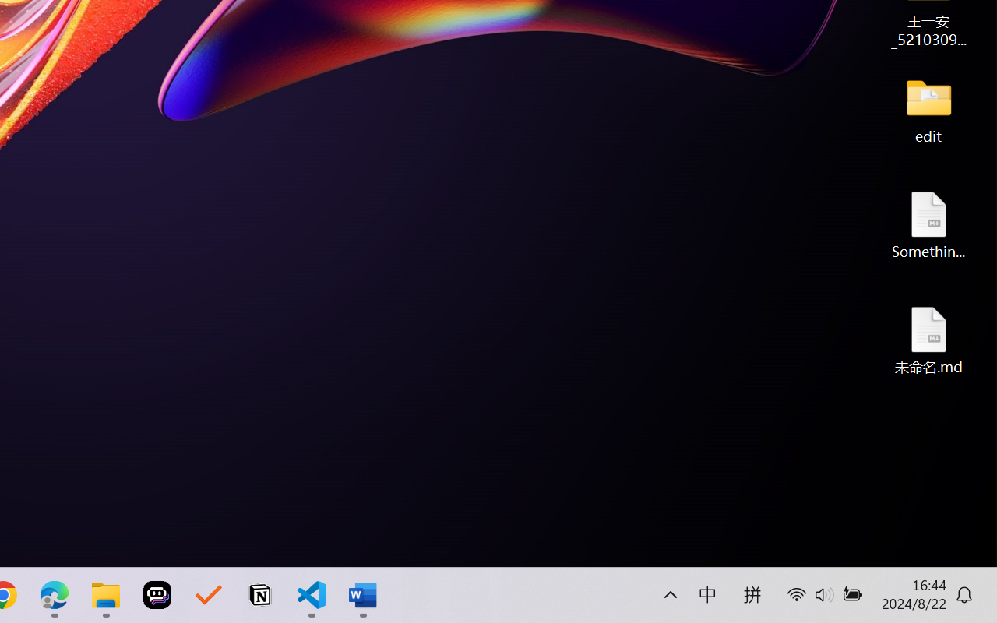  What do you see at coordinates (928, 224) in the screenshot?
I see `'Something.md'` at bounding box center [928, 224].